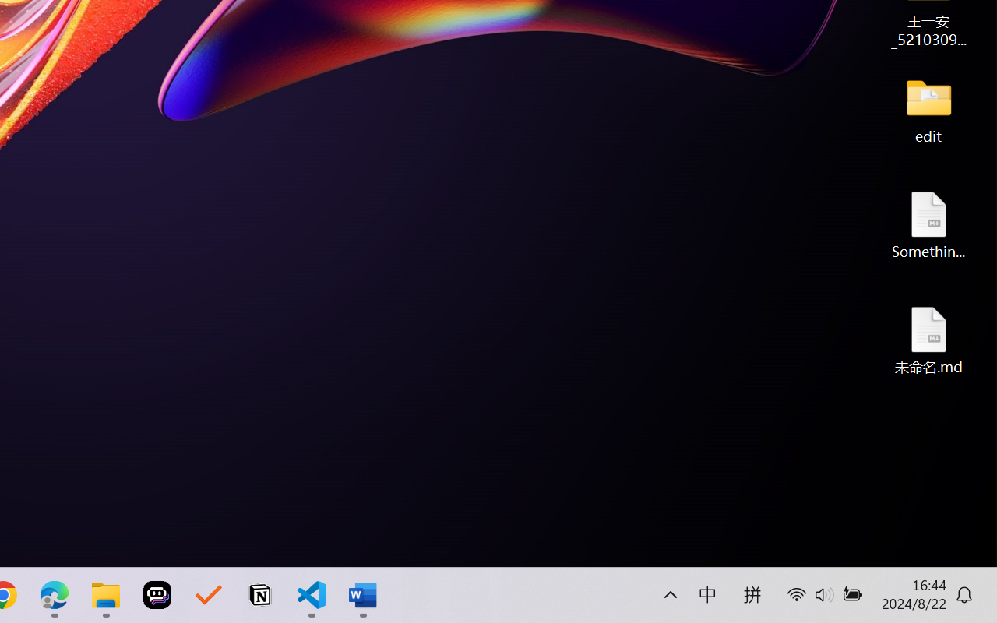  What do you see at coordinates (928, 224) in the screenshot?
I see `'Something.md'` at bounding box center [928, 224].